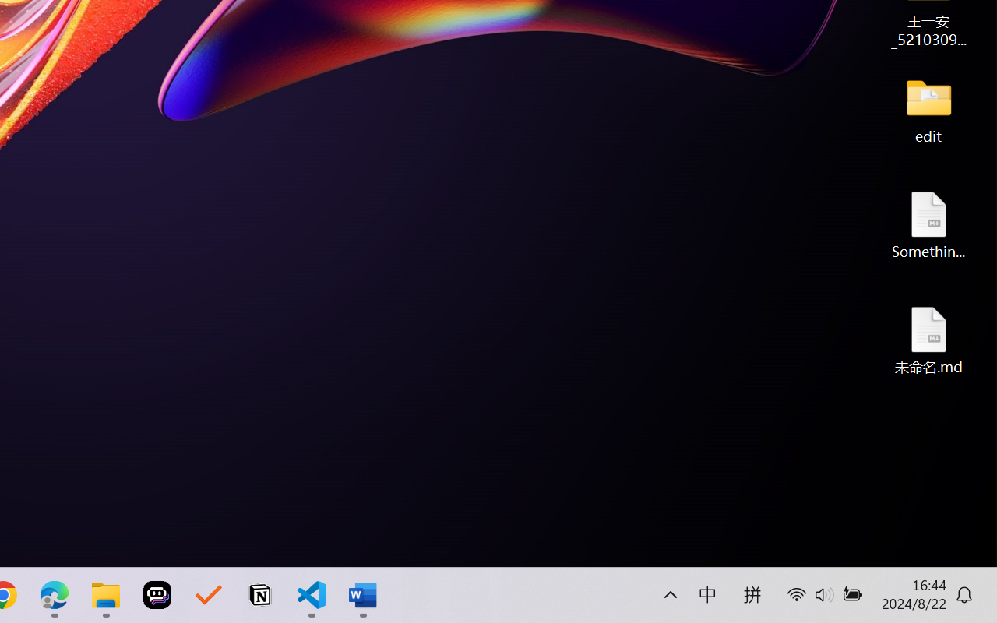  What do you see at coordinates (928, 224) in the screenshot?
I see `'Something.md'` at bounding box center [928, 224].